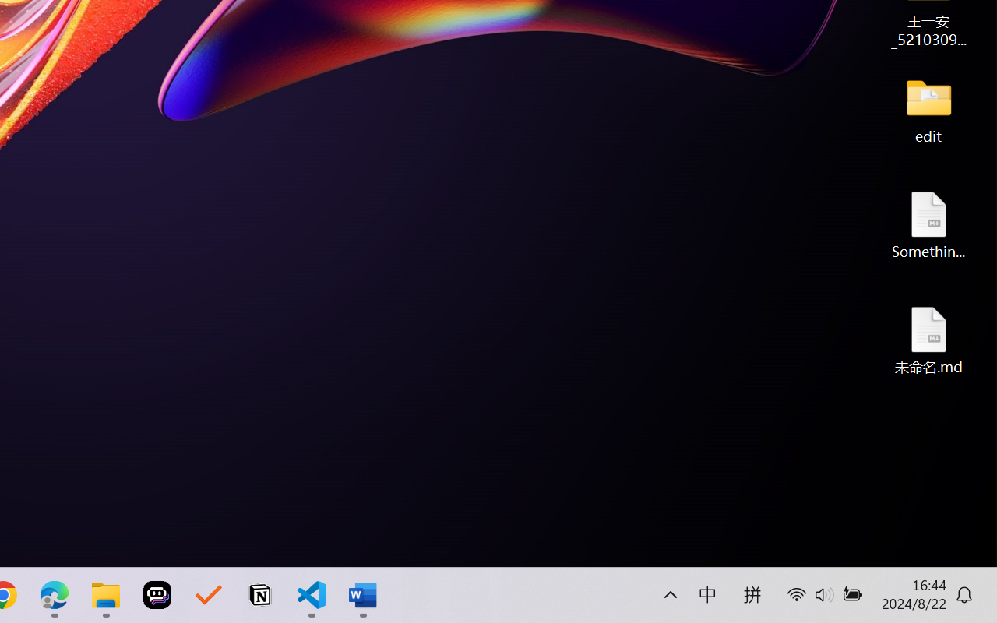  What do you see at coordinates (928, 224) in the screenshot?
I see `'Something.md'` at bounding box center [928, 224].